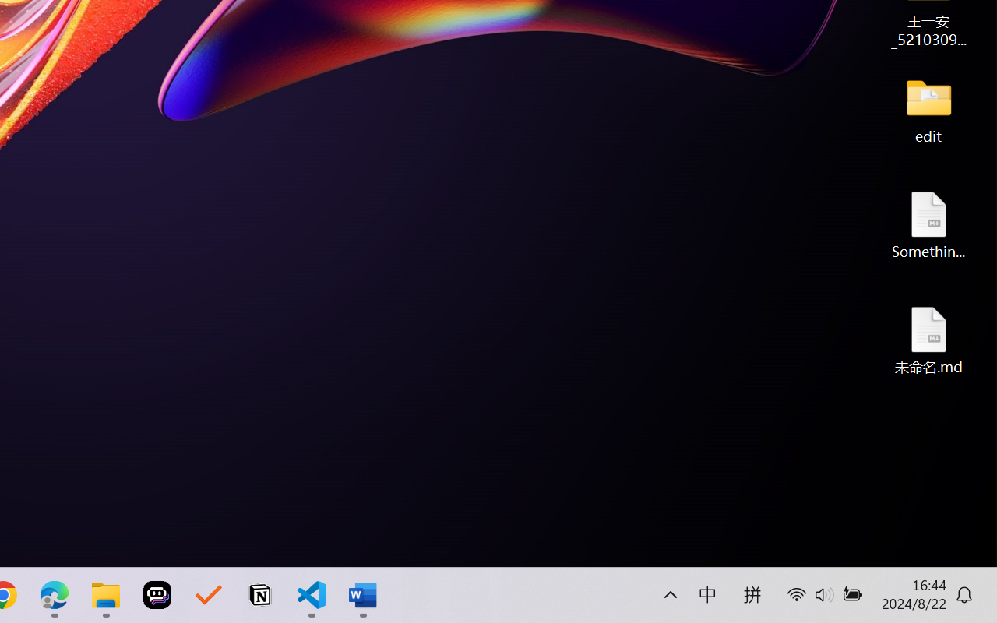  What do you see at coordinates (928, 224) in the screenshot?
I see `'Something.md'` at bounding box center [928, 224].